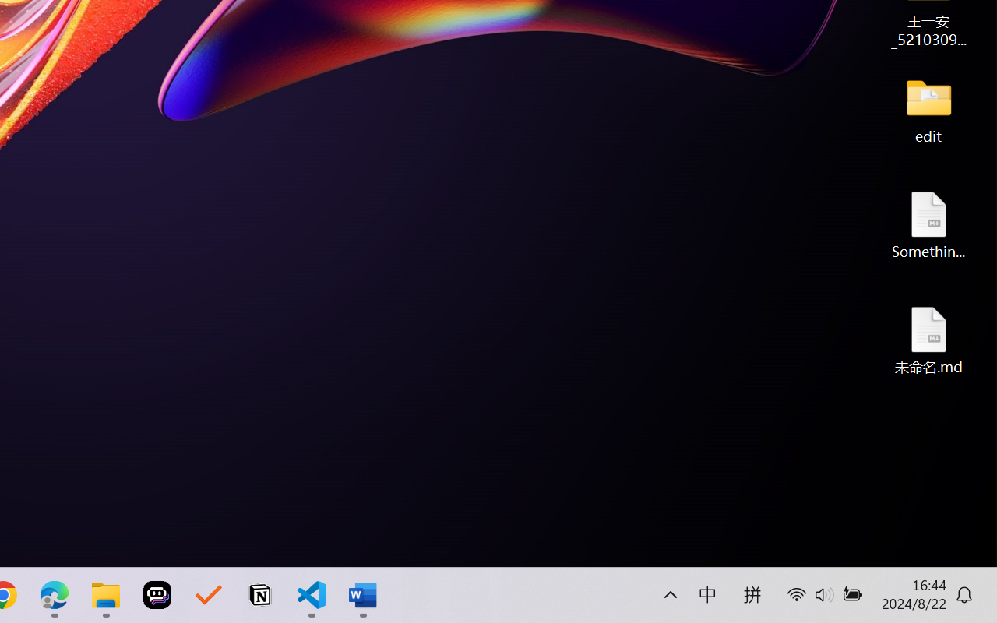  What do you see at coordinates (928, 224) in the screenshot?
I see `'Something.md'` at bounding box center [928, 224].